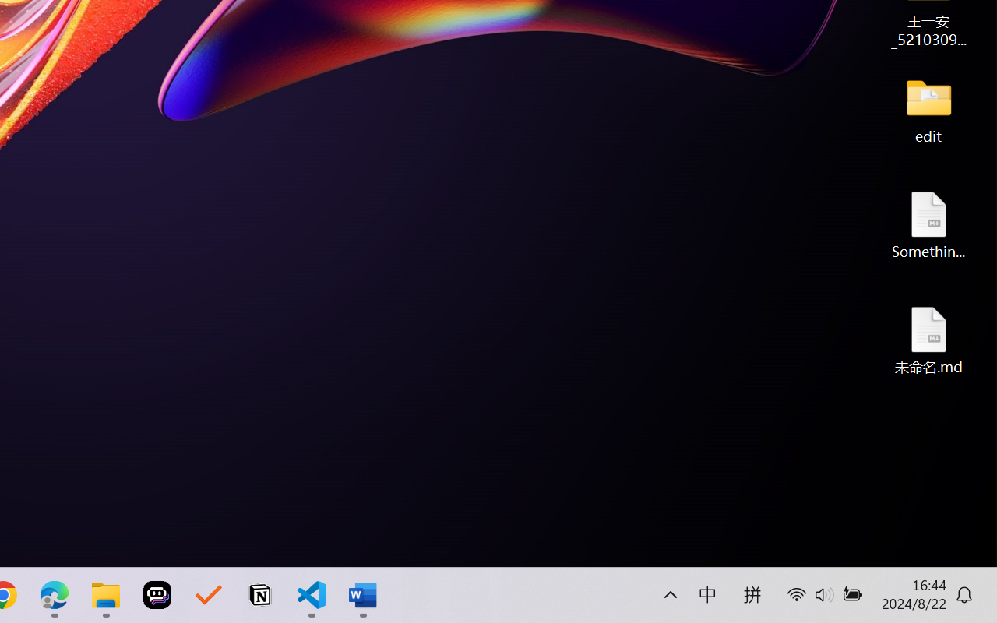  What do you see at coordinates (928, 224) in the screenshot?
I see `'Something.md'` at bounding box center [928, 224].